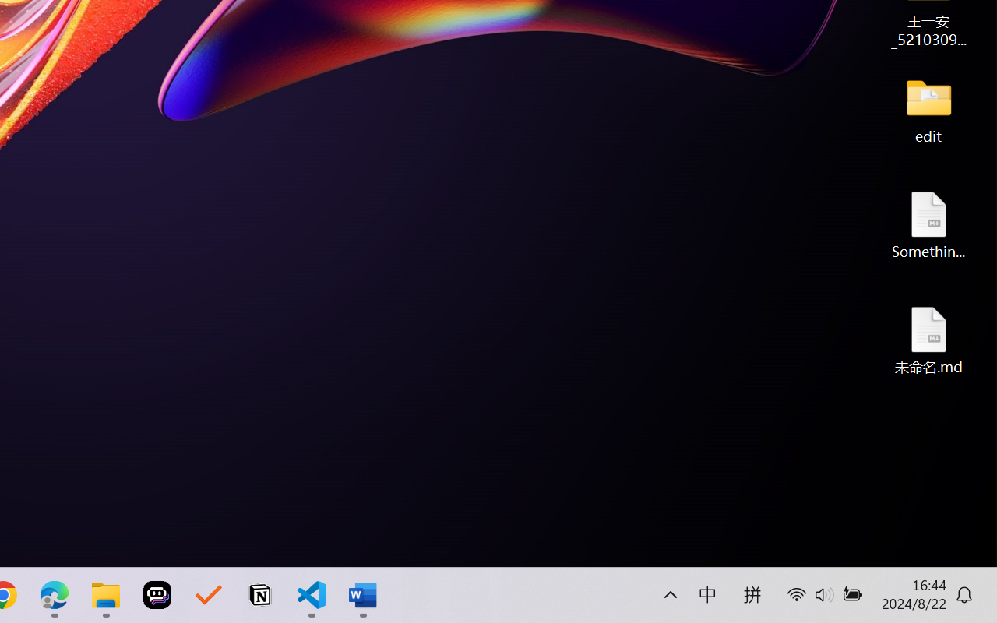  What do you see at coordinates (928, 224) in the screenshot?
I see `'Something.md'` at bounding box center [928, 224].